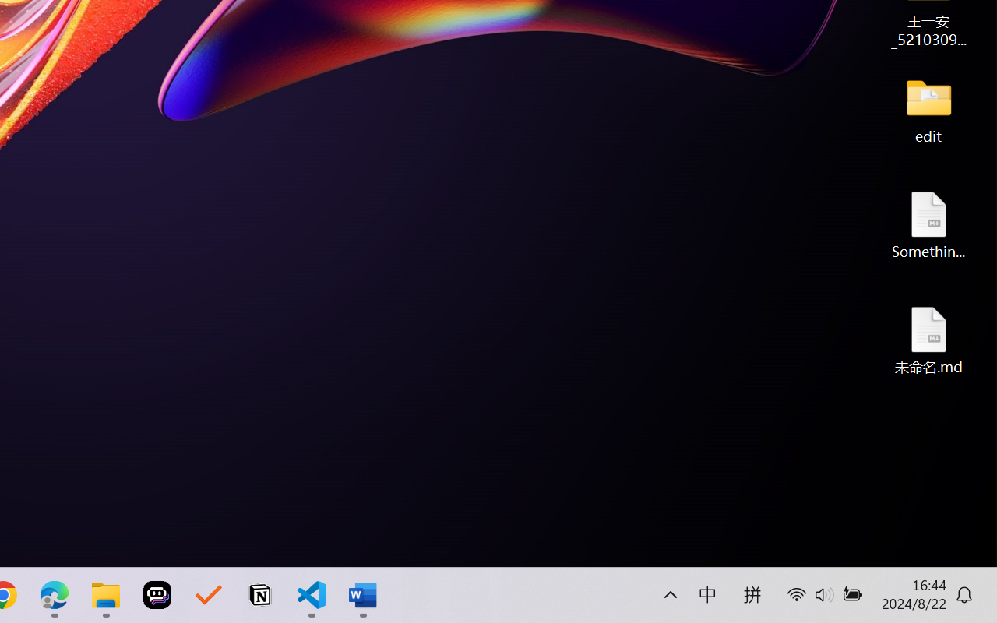  What do you see at coordinates (928, 224) in the screenshot?
I see `'Something.md'` at bounding box center [928, 224].